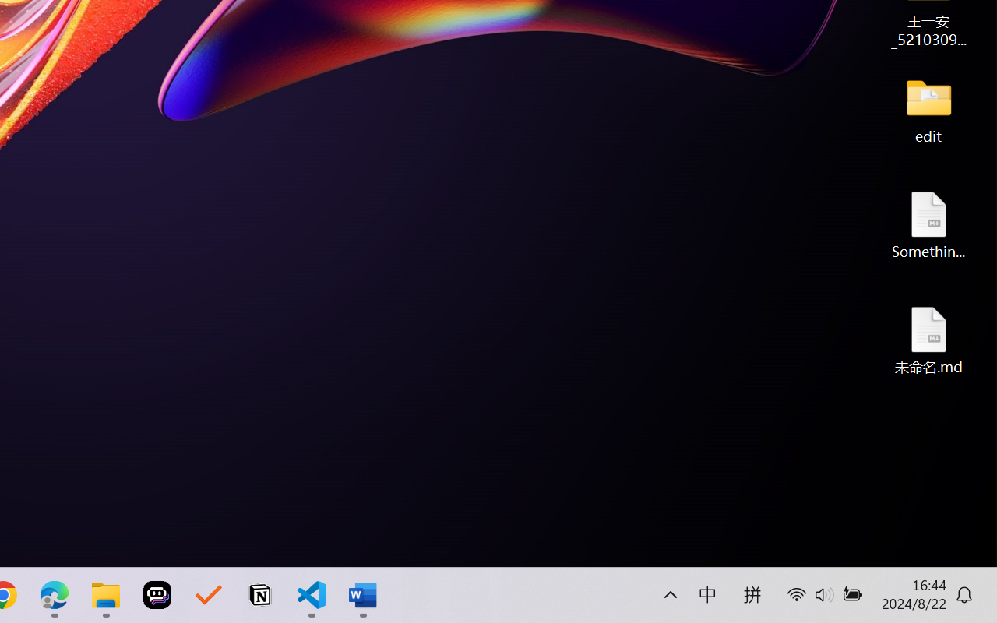  What do you see at coordinates (928, 224) in the screenshot?
I see `'Something.md'` at bounding box center [928, 224].